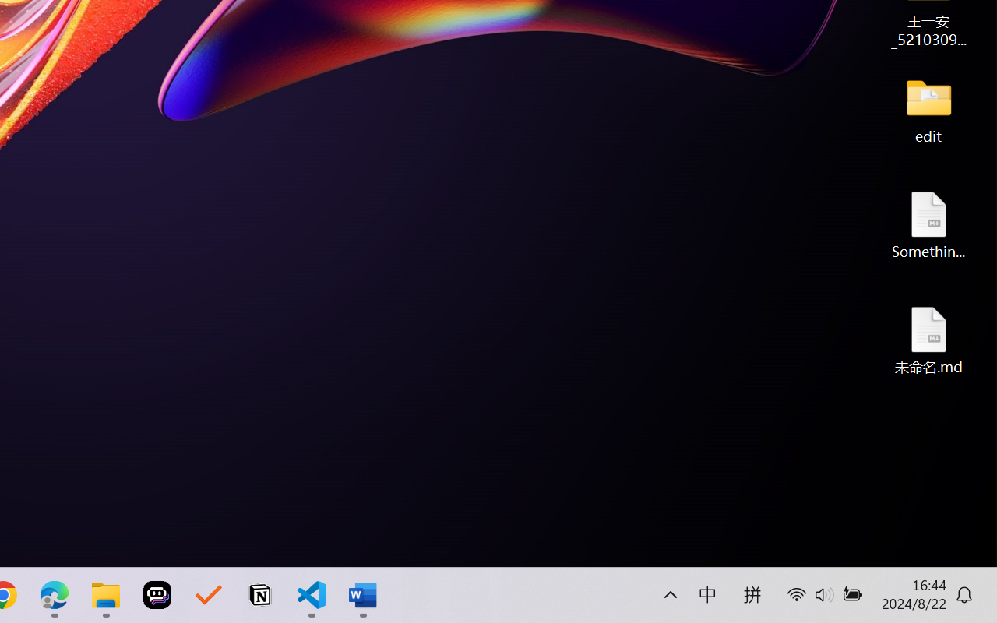  What do you see at coordinates (928, 224) in the screenshot?
I see `'Something.md'` at bounding box center [928, 224].